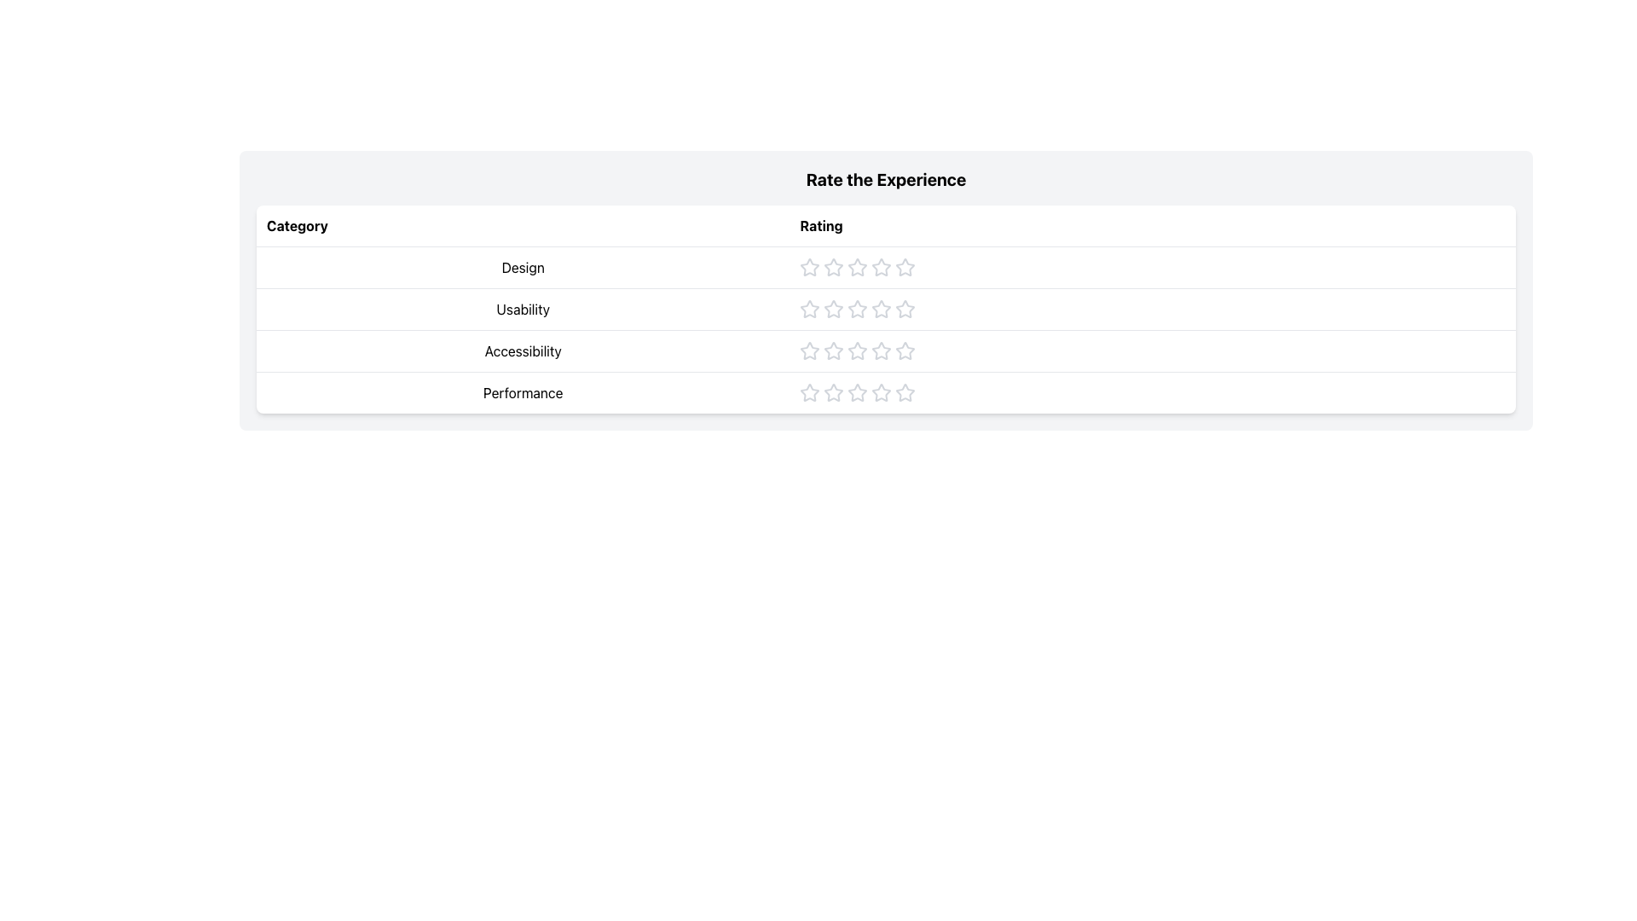  Describe the element at coordinates (858, 392) in the screenshot. I see `the third star icon in the 'Performance' rating system` at that location.